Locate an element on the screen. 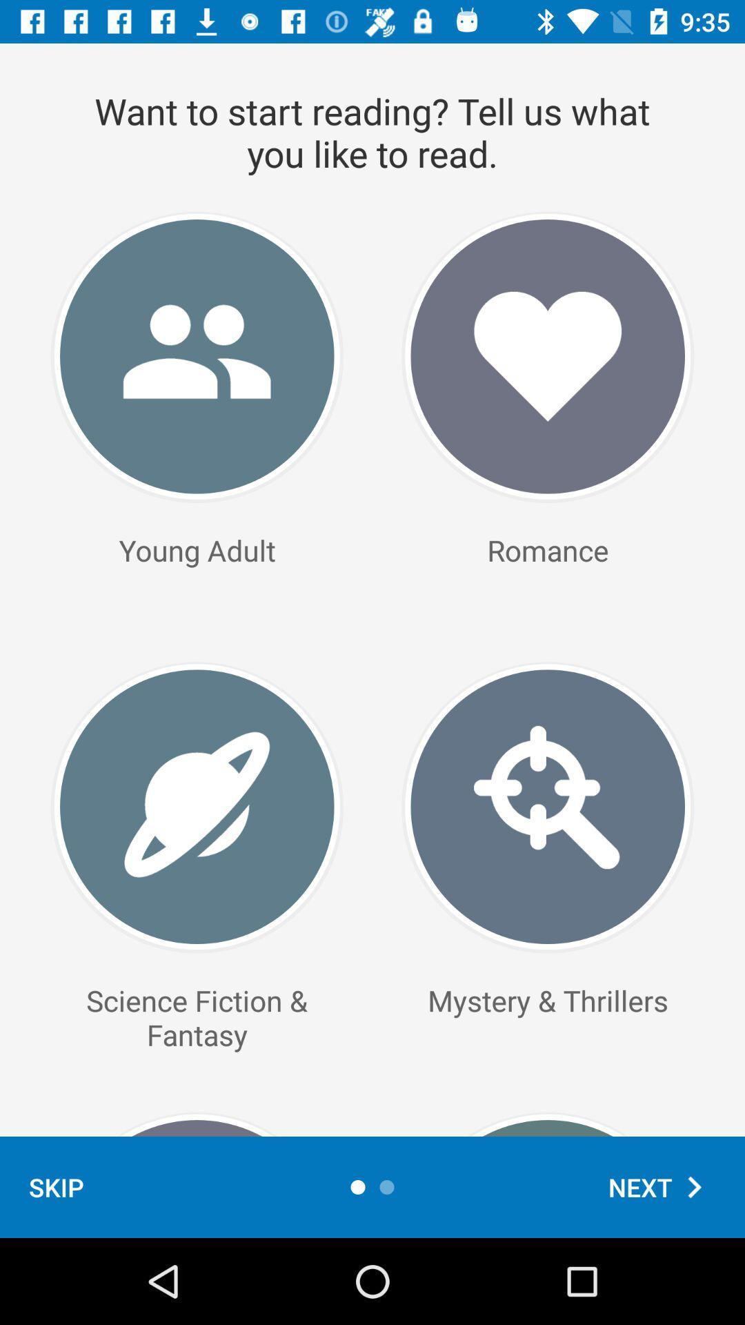 Image resolution: width=745 pixels, height=1325 pixels. next is located at coordinates (662, 1186).